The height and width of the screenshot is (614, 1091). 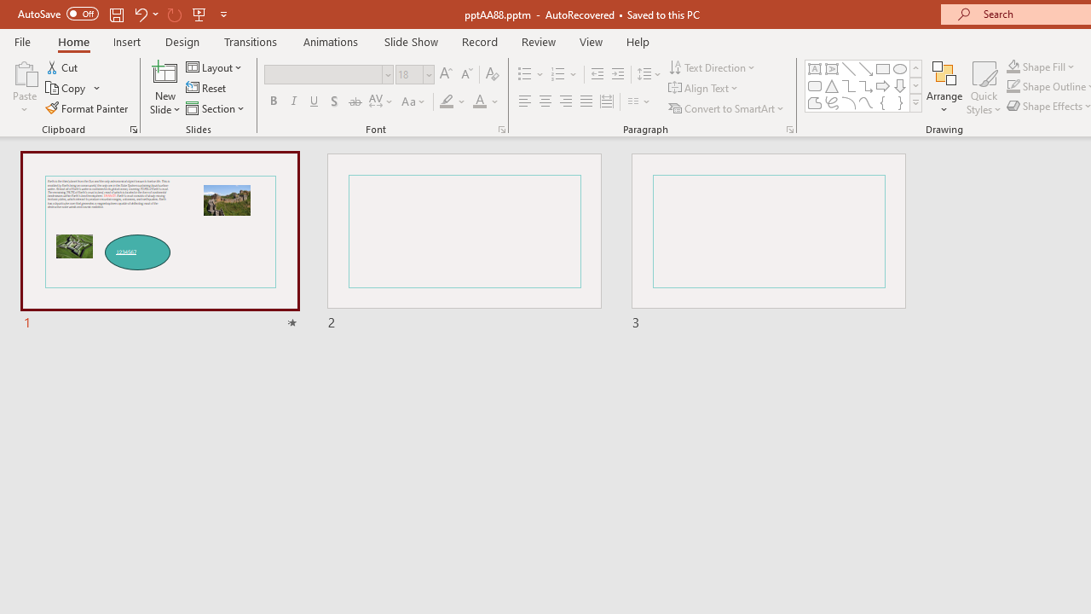 What do you see at coordinates (883, 68) in the screenshot?
I see `'Rectangle'` at bounding box center [883, 68].